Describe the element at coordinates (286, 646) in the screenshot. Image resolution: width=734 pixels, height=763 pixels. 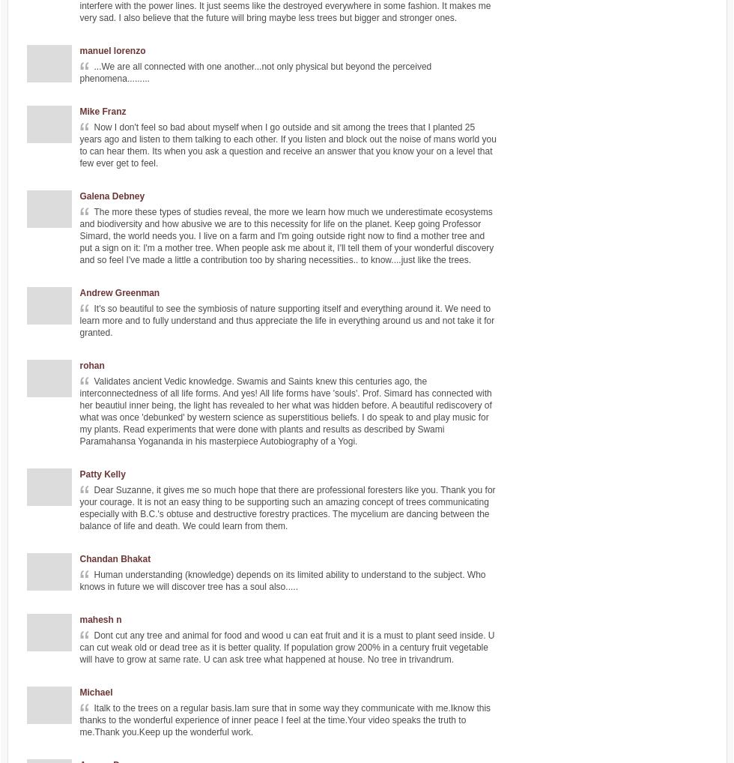
I see `'Dont cut any tree and animal for food and wood u can eat fruit and it is a must to plant seed inside. U can cut weak old or dead tree as it is better quality. If population grow 200% in a century fruit vegetable will have to grow at same rate. U can ask tree what happened at house. No tree in trivandrum.'` at that location.